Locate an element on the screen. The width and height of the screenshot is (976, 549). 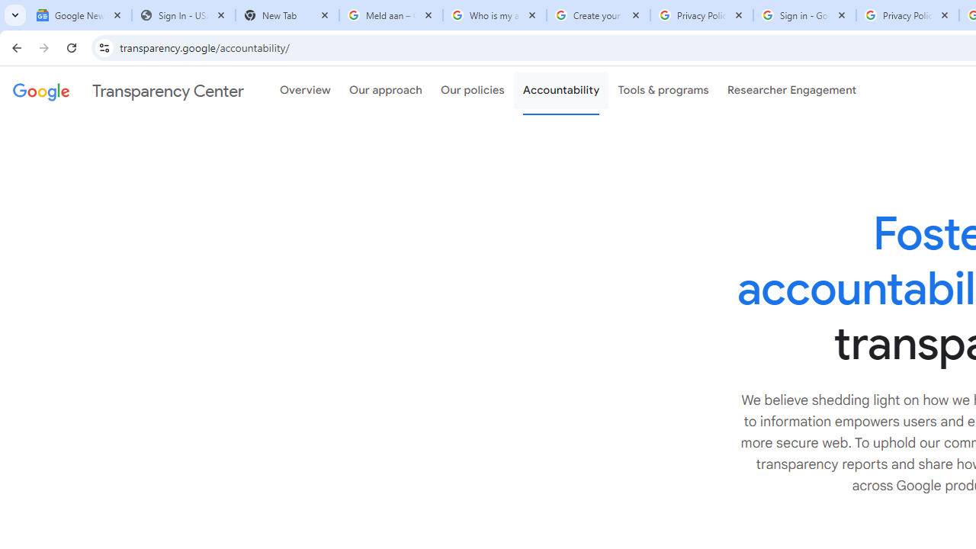
'Our policies' is located at coordinates (472, 91).